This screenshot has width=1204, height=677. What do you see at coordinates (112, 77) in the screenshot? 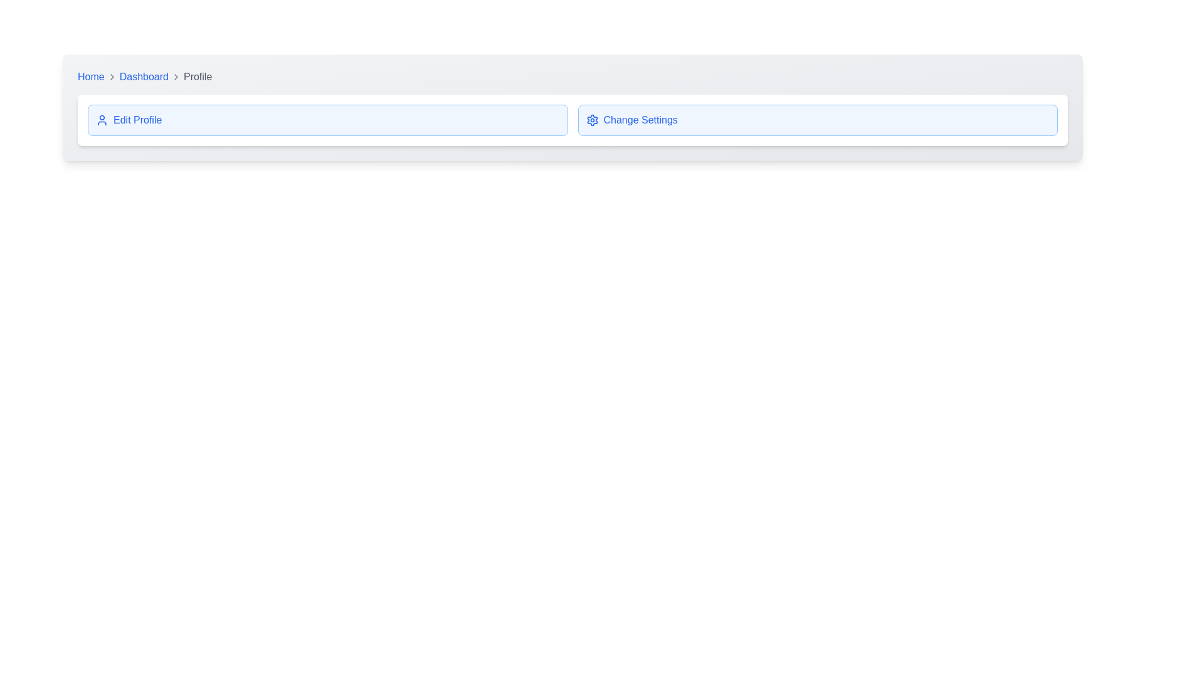
I see `the rightward-pointing chevron icon, which is light gray and located between the 'Home' link and other breadcrumb elements` at bounding box center [112, 77].